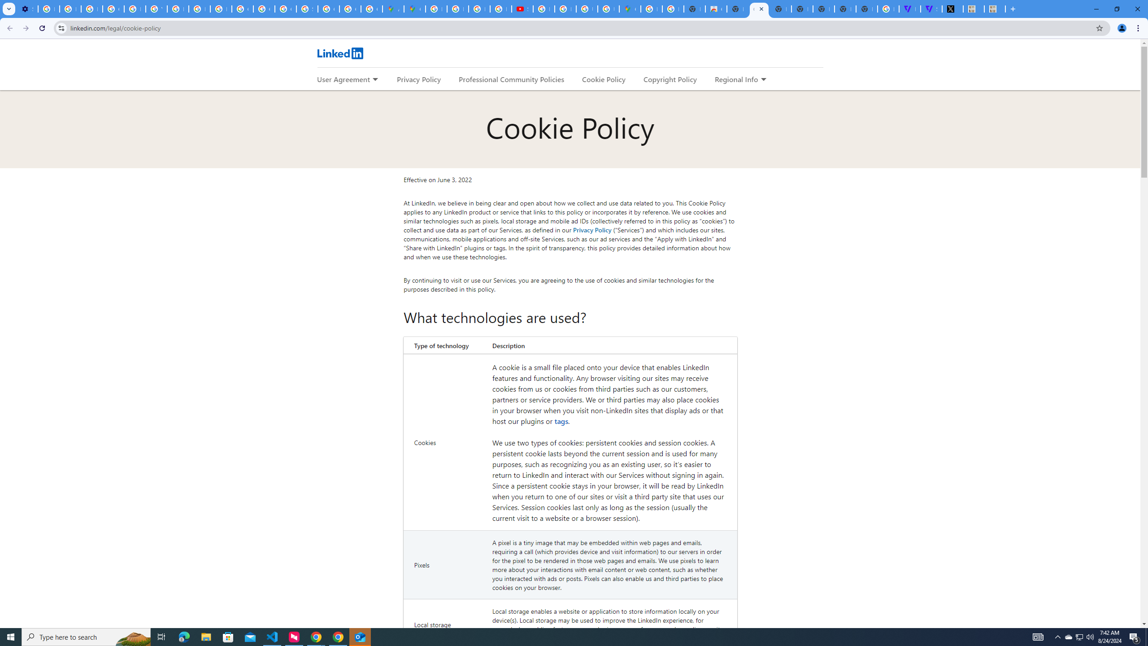 This screenshot has width=1148, height=646. I want to click on 'Reload', so click(42, 28).